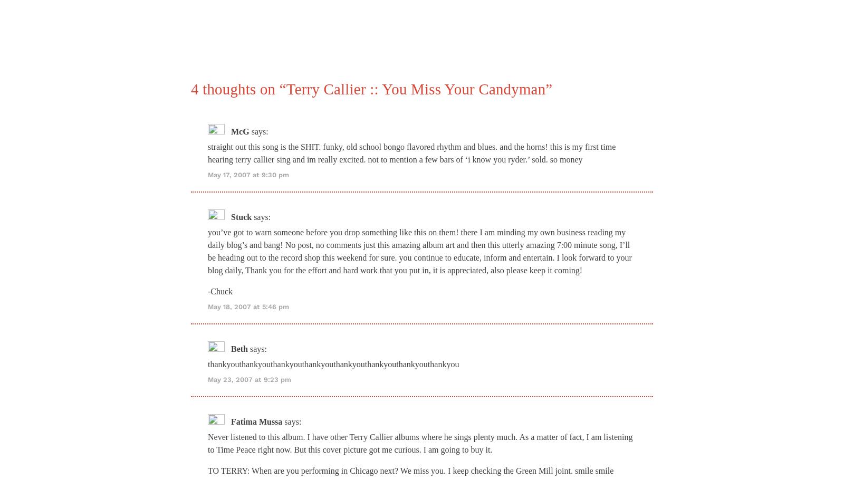  What do you see at coordinates (230, 348) in the screenshot?
I see `'Beth'` at bounding box center [230, 348].